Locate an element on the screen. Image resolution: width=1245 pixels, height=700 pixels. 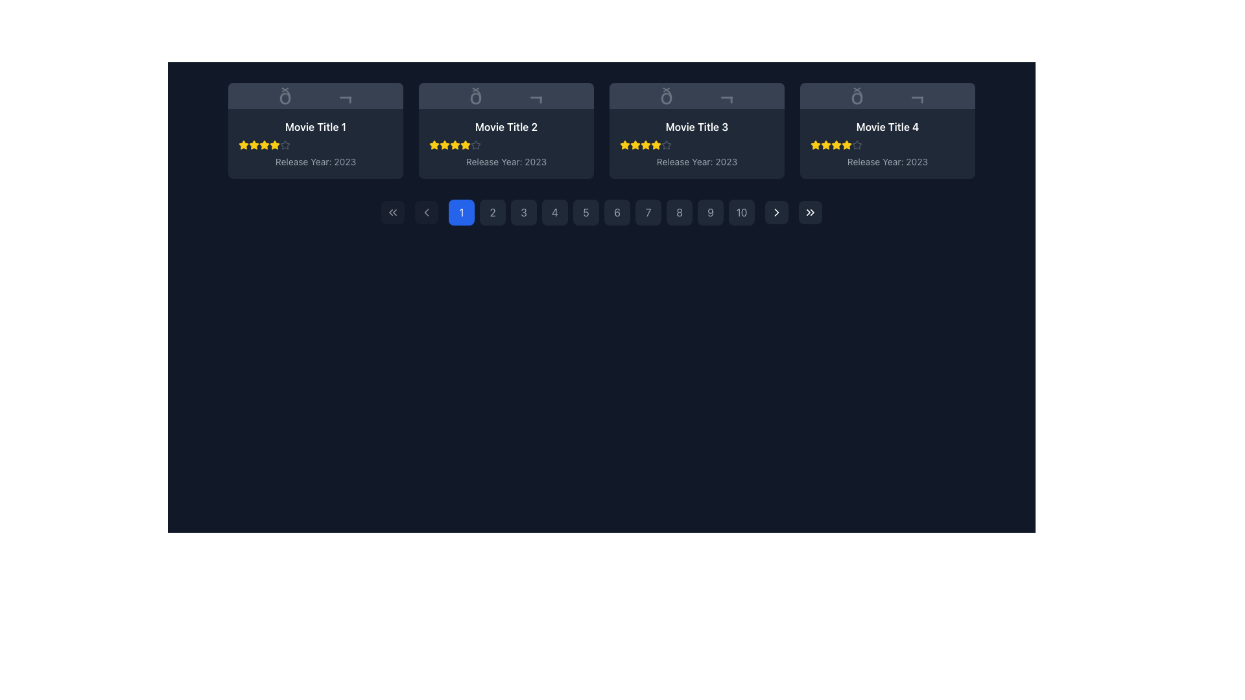
the fifth gray star in the rating component for 'Movie Title 4' is located at coordinates (857, 145).